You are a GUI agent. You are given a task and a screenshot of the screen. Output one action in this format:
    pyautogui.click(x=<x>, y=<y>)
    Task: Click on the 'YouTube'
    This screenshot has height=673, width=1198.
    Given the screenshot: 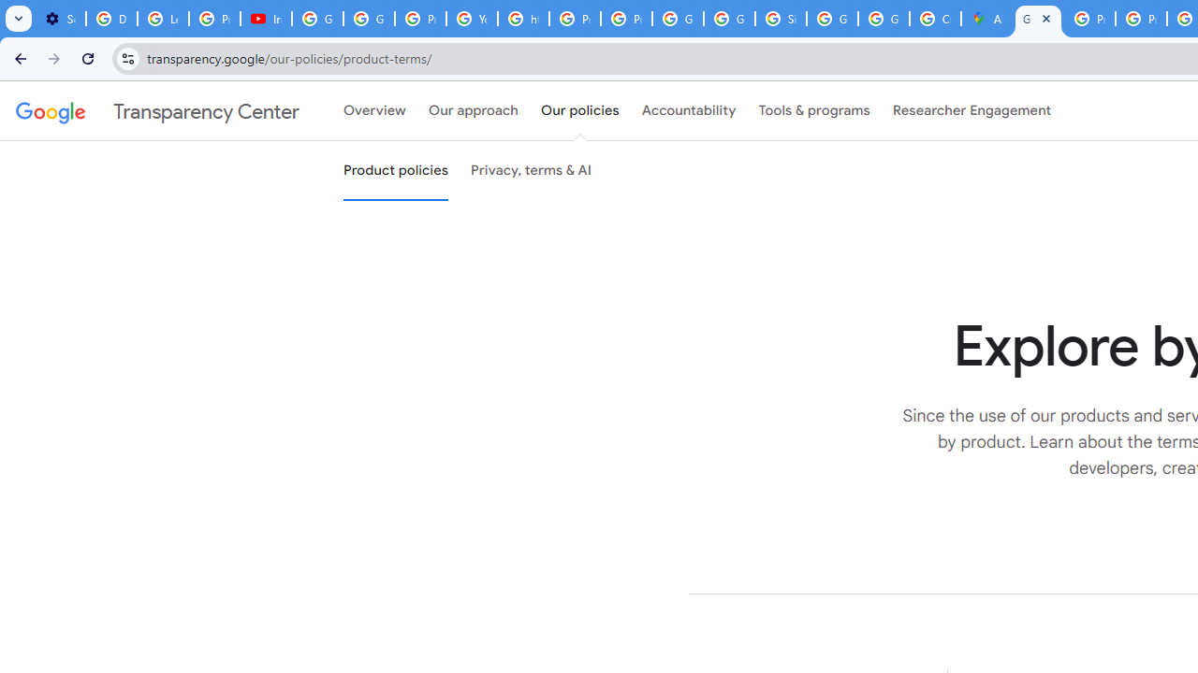 What is the action you would take?
    pyautogui.click(x=472, y=19)
    